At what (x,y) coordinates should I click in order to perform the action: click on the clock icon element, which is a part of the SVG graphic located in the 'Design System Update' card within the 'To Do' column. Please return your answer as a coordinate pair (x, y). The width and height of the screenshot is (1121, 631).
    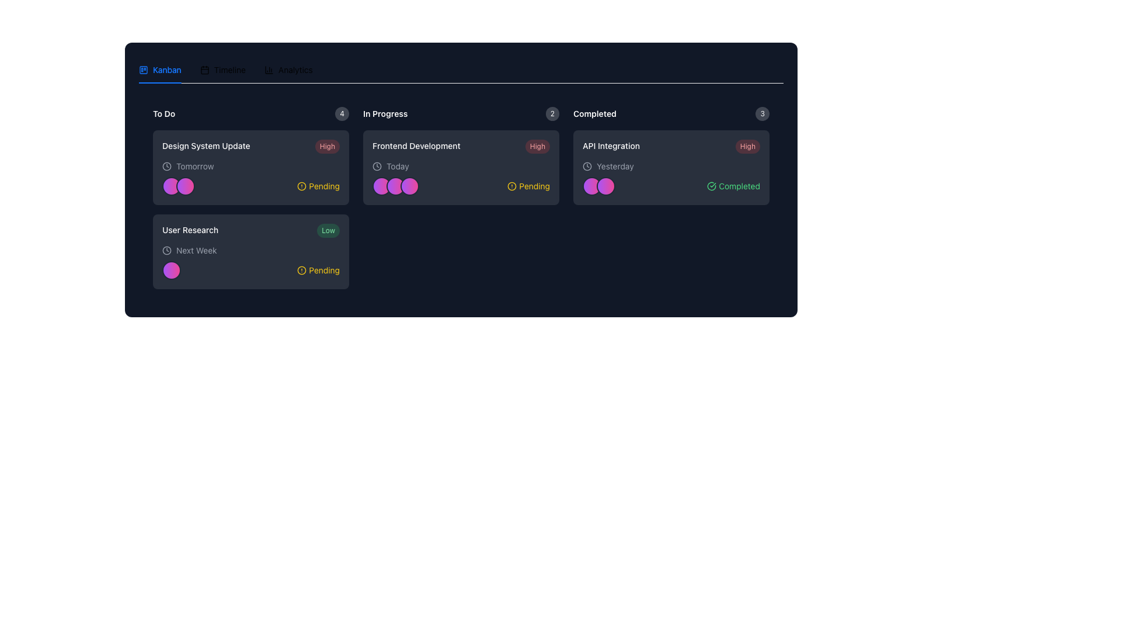
    Looking at the image, I should click on (166, 167).